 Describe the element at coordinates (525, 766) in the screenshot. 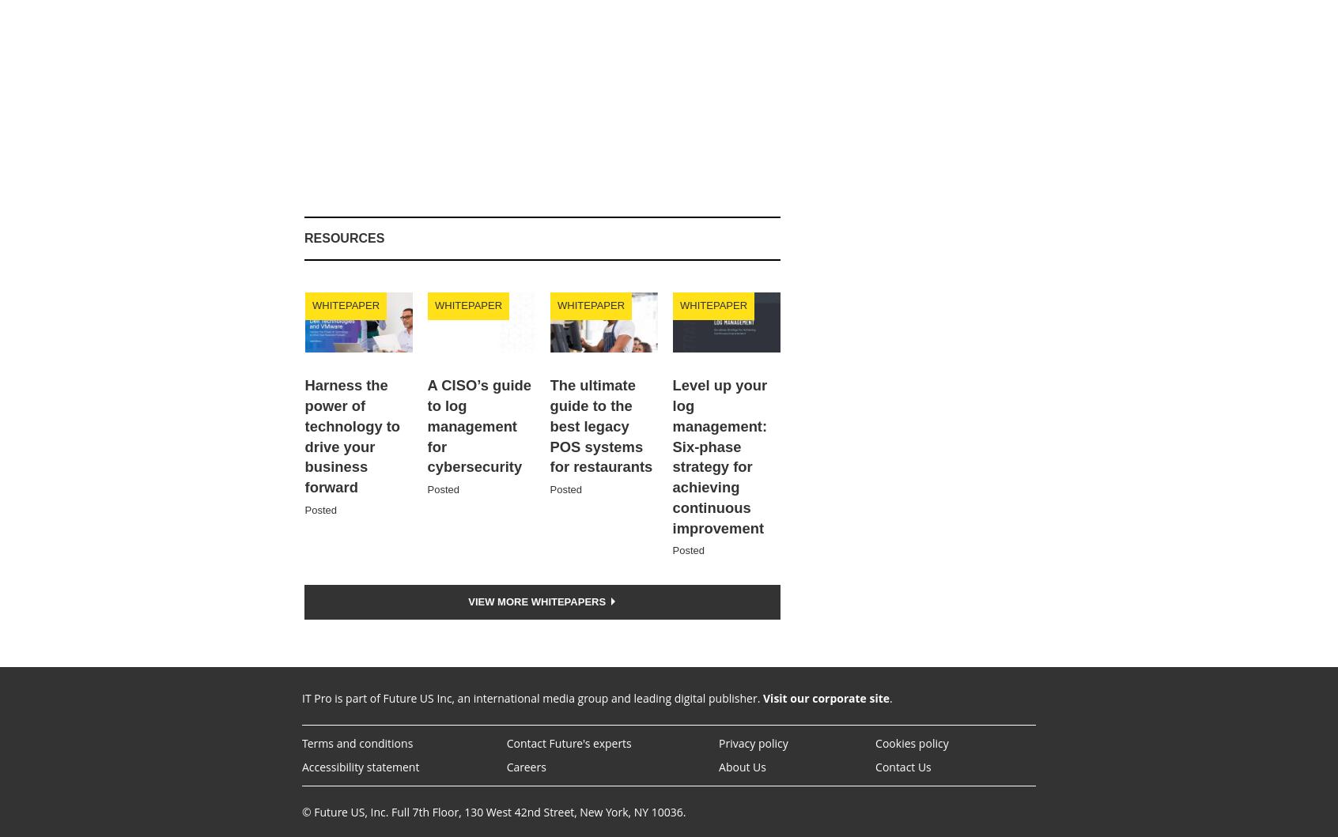

I see `'Careers'` at that location.